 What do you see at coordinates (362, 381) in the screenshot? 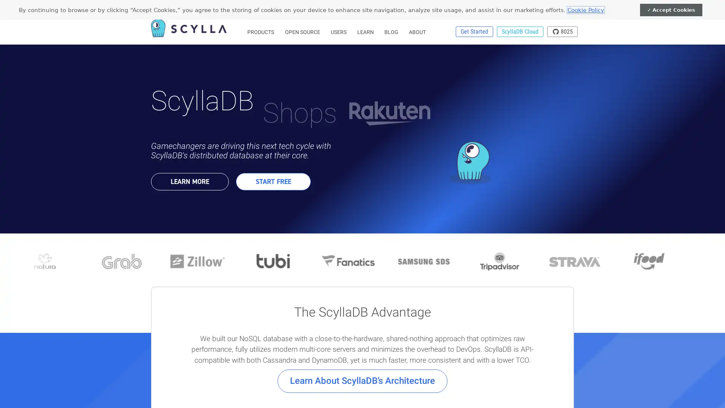
I see `Learn About ScyllaDBs Architecture` at bounding box center [362, 381].